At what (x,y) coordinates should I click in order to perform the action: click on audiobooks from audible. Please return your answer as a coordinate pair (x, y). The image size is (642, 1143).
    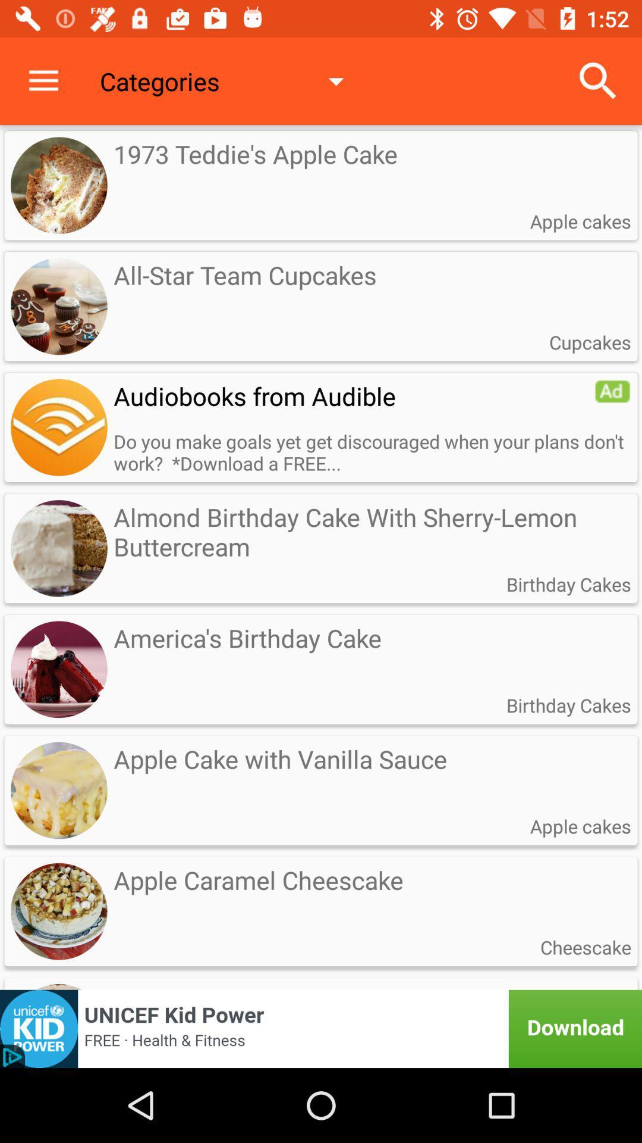
    Looking at the image, I should click on (59, 427).